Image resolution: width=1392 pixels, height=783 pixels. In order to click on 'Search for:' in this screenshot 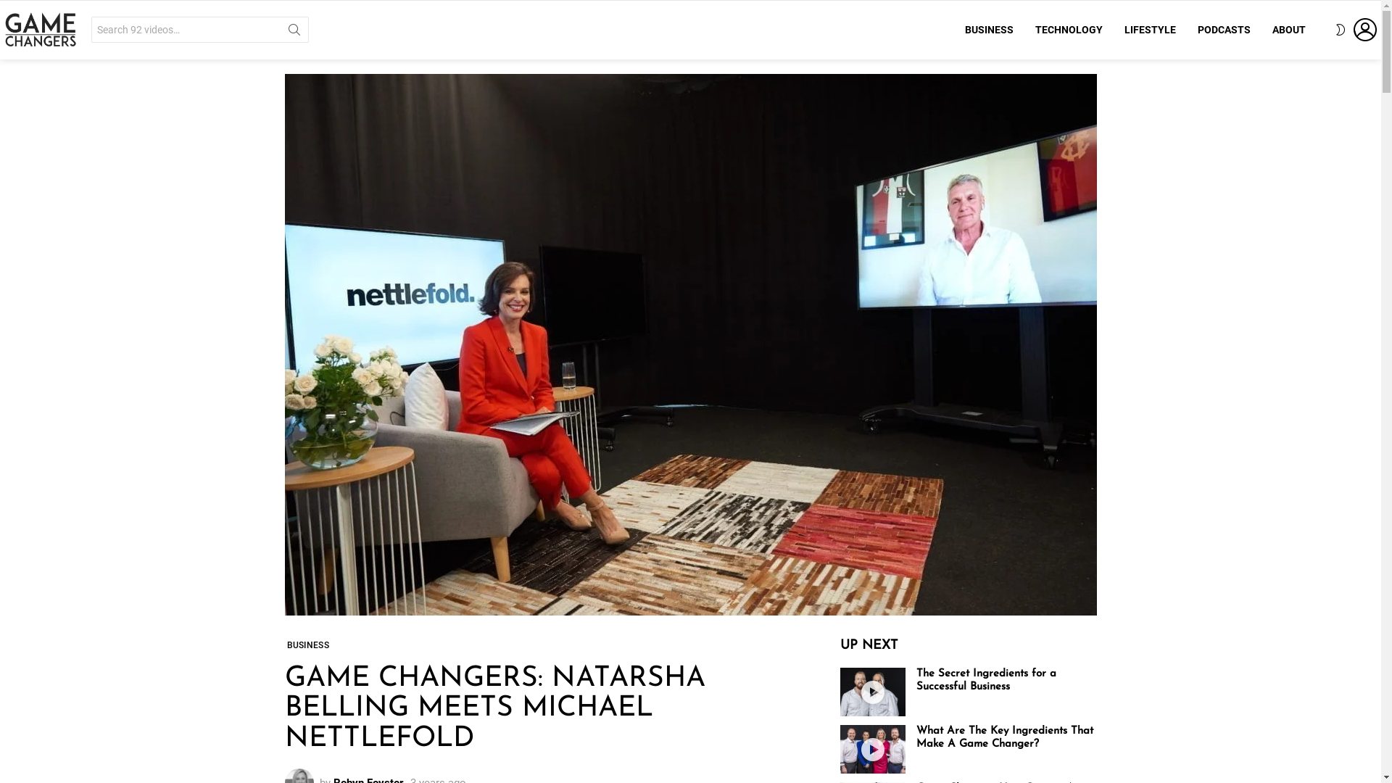, I will do `click(199, 30)`.